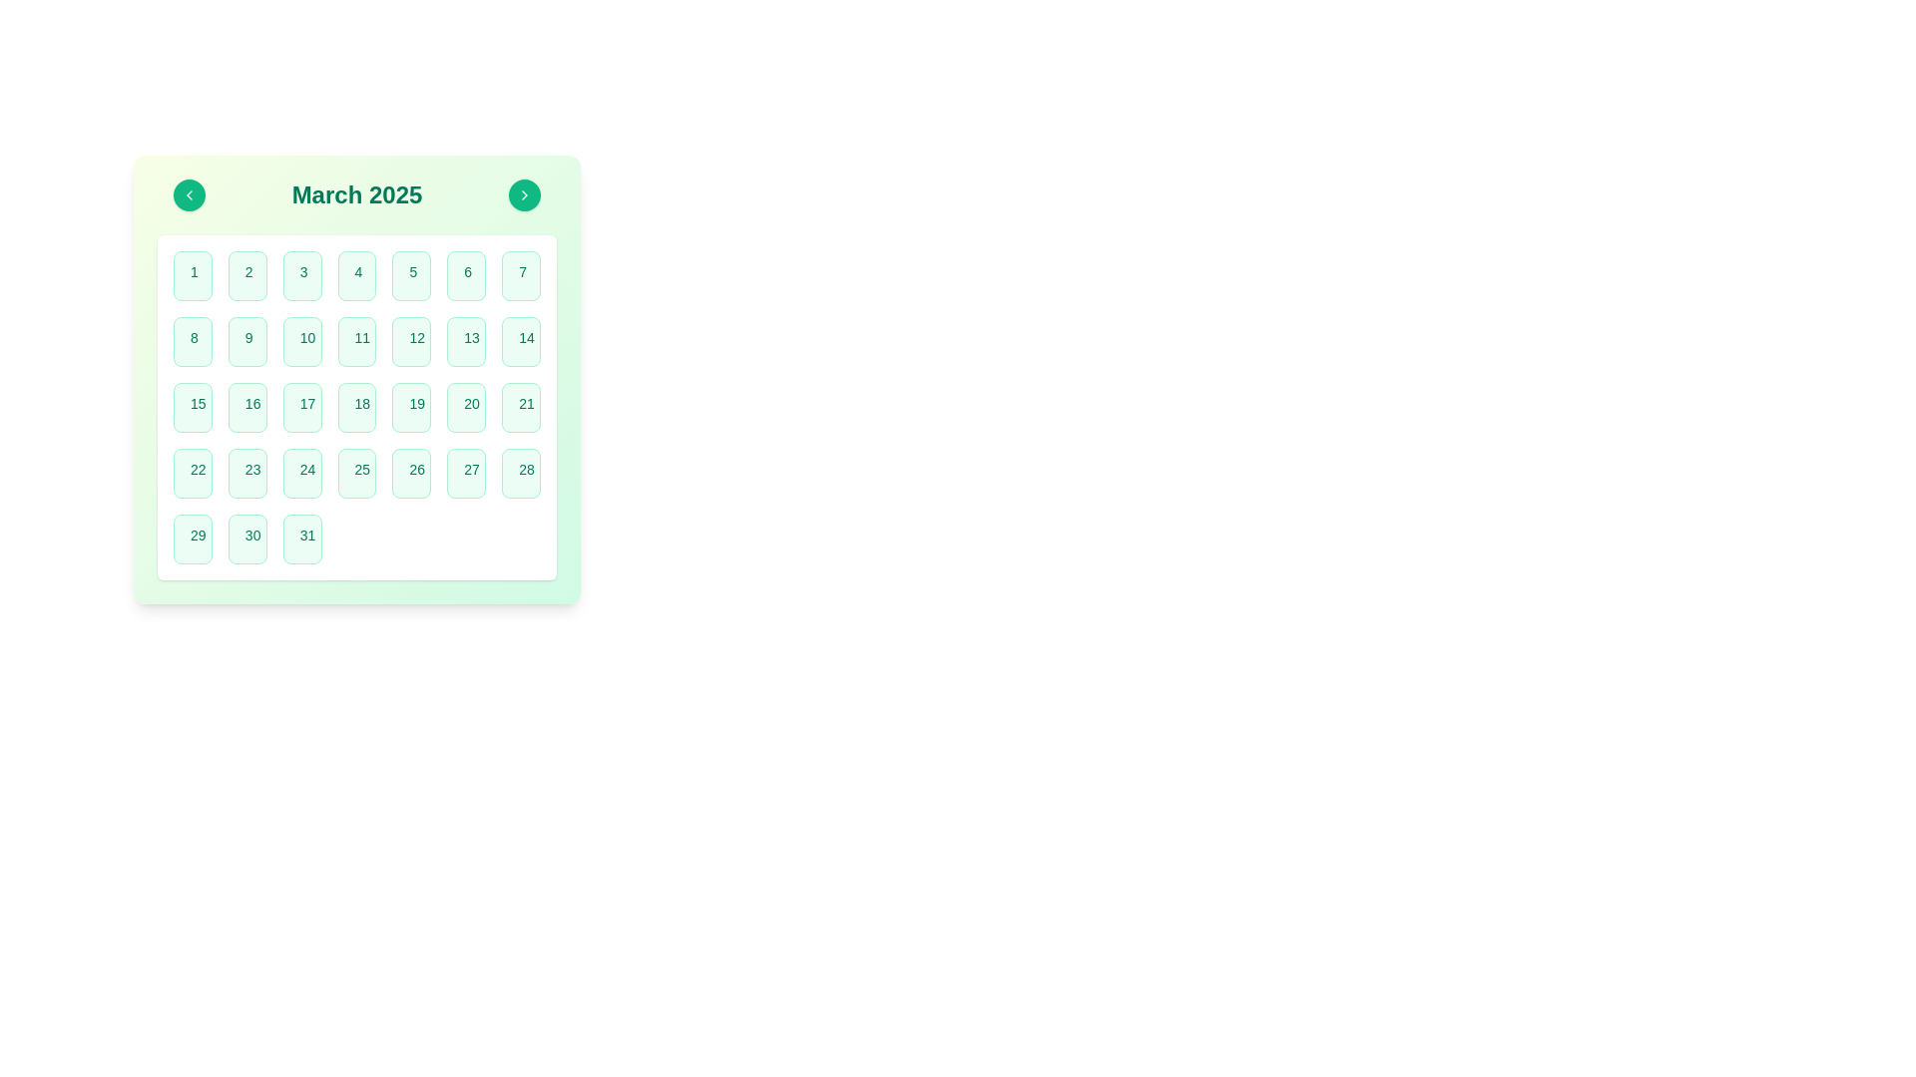 The width and height of the screenshot is (1916, 1077). I want to click on the Text label indicating day 9 in the calendar grid, positioned in the ninth cell, so click(247, 337).